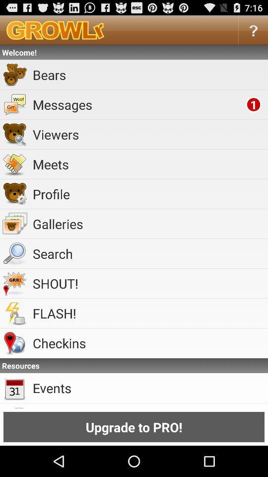 This screenshot has height=477, width=268. What do you see at coordinates (148, 74) in the screenshot?
I see `icon below the welcome! app` at bounding box center [148, 74].